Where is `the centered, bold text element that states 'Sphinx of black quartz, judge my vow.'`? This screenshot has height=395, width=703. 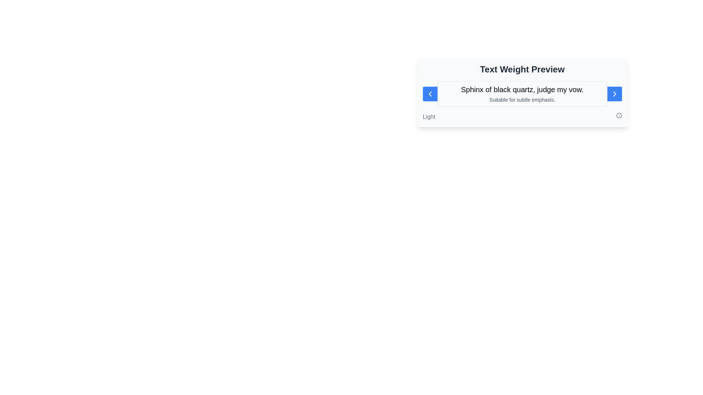
the centered, bold text element that states 'Sphinx of black quartz, judge my vow.' is located at coordinates (522, 89).